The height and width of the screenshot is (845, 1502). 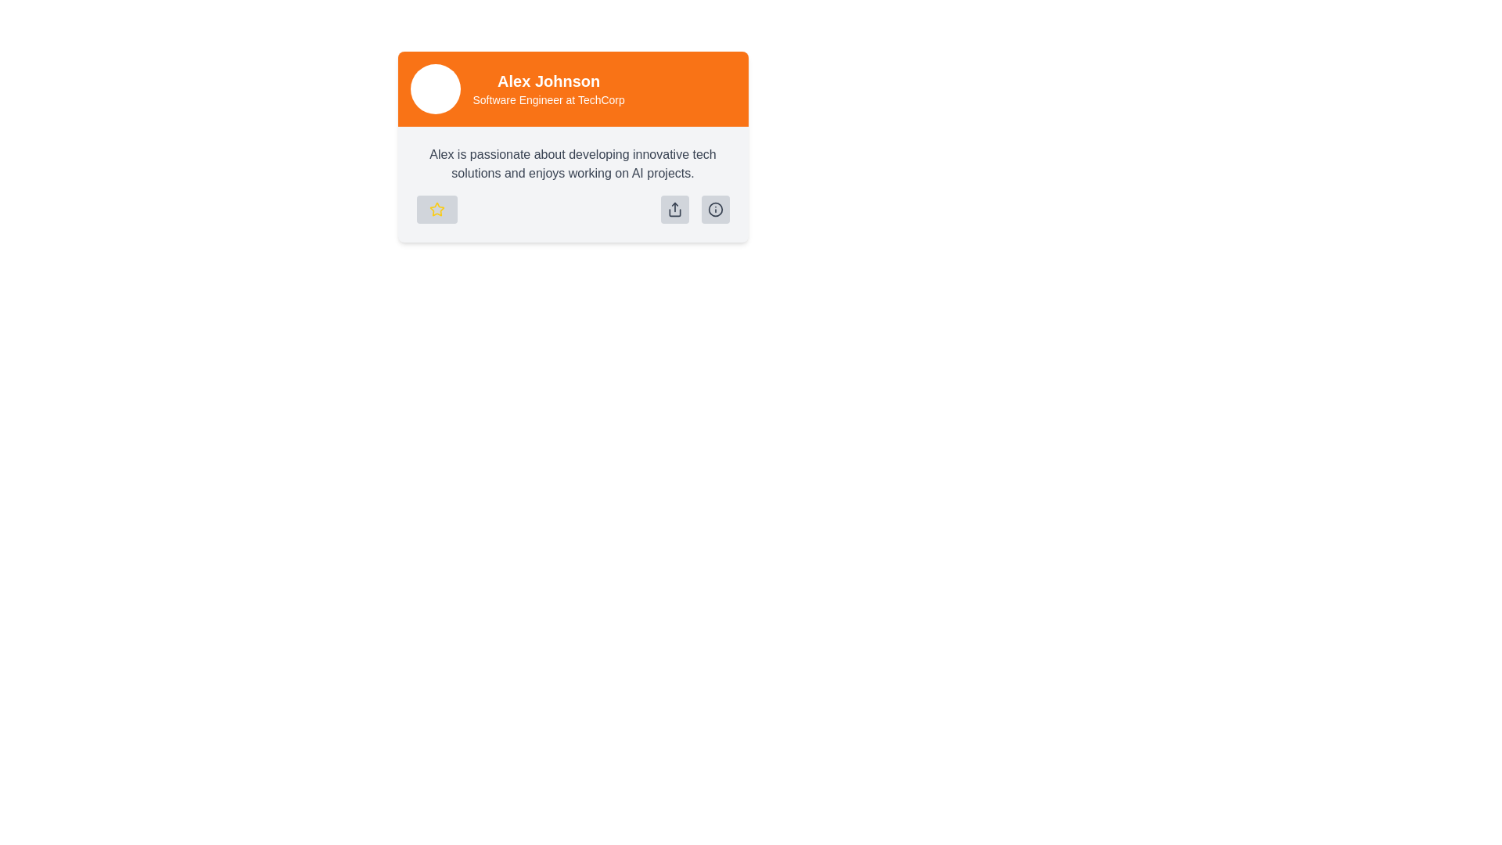 I want to click on the favorite button, which is the first button on the left in the horizontal group at the bottom-left corner of the user profile card, so click(x=437, y=208).